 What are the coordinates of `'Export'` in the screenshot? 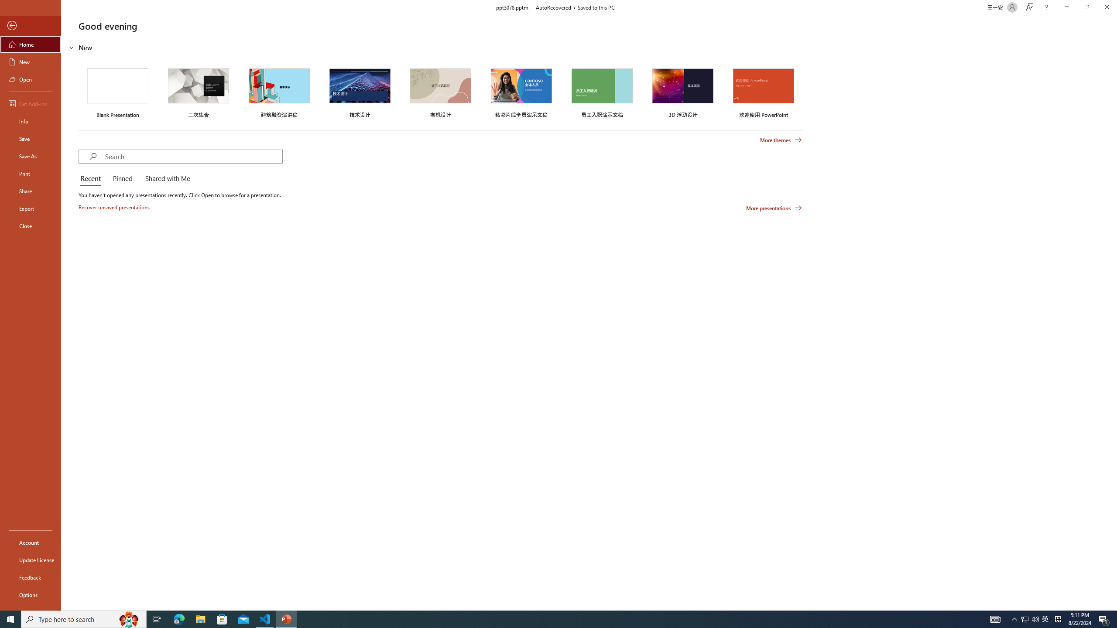 It's located at (30, 208).